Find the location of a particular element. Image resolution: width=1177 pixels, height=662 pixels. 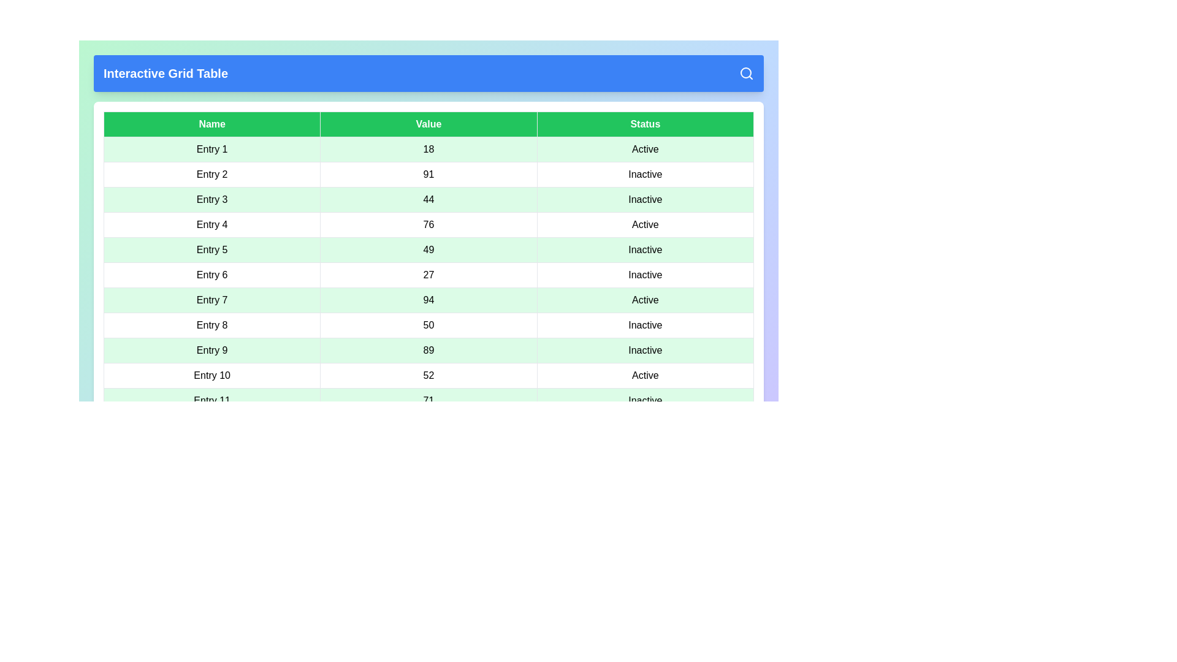

the column header 'Name' to sort the table by that column is located at coordinates (211, 124).